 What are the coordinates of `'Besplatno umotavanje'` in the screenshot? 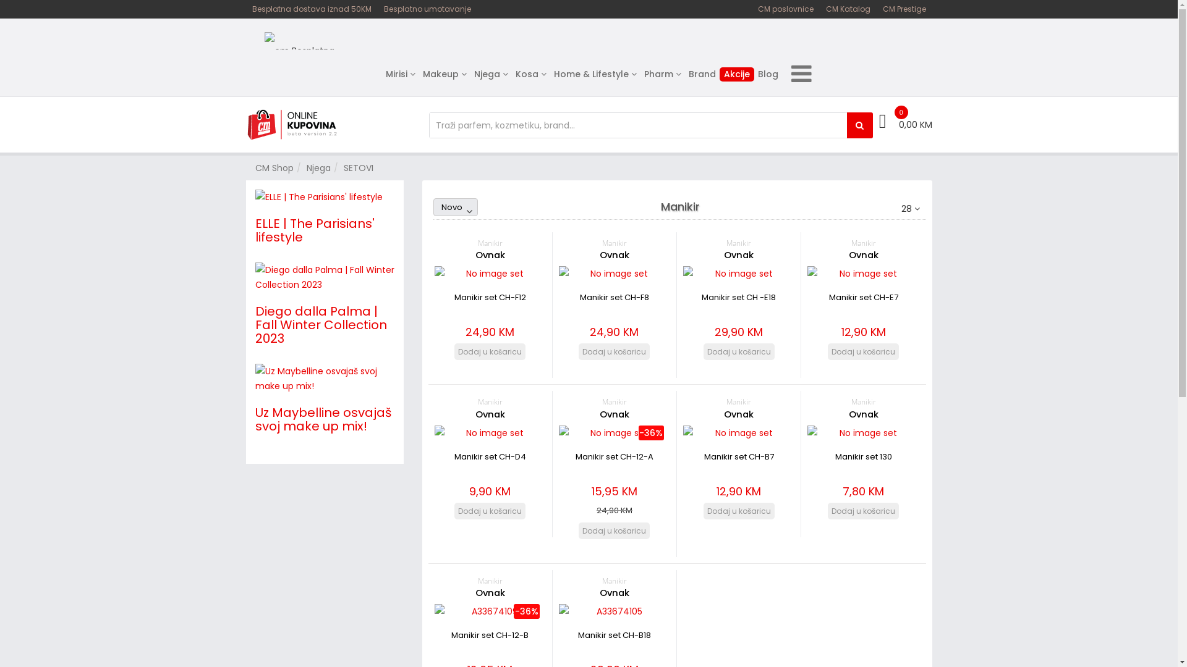 It's located at (427, 9).